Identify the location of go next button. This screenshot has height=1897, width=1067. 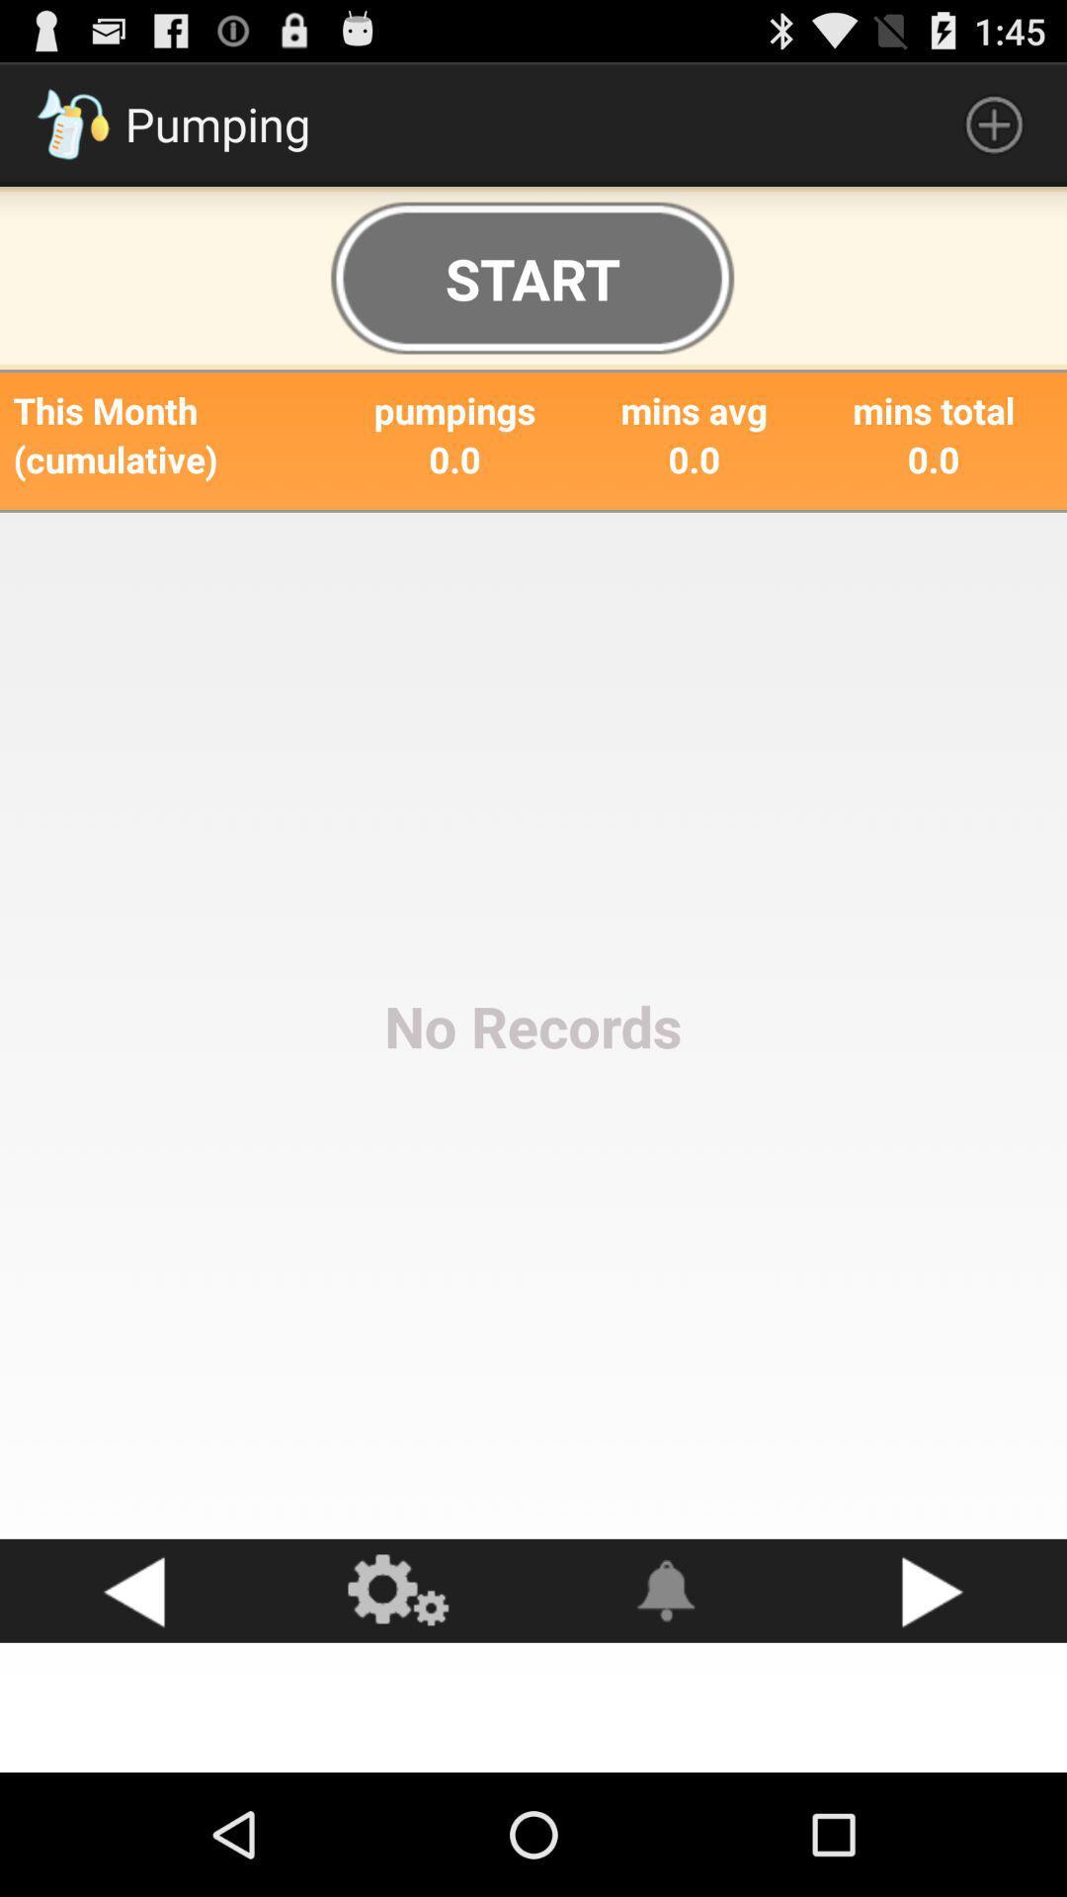
(934, 1591).